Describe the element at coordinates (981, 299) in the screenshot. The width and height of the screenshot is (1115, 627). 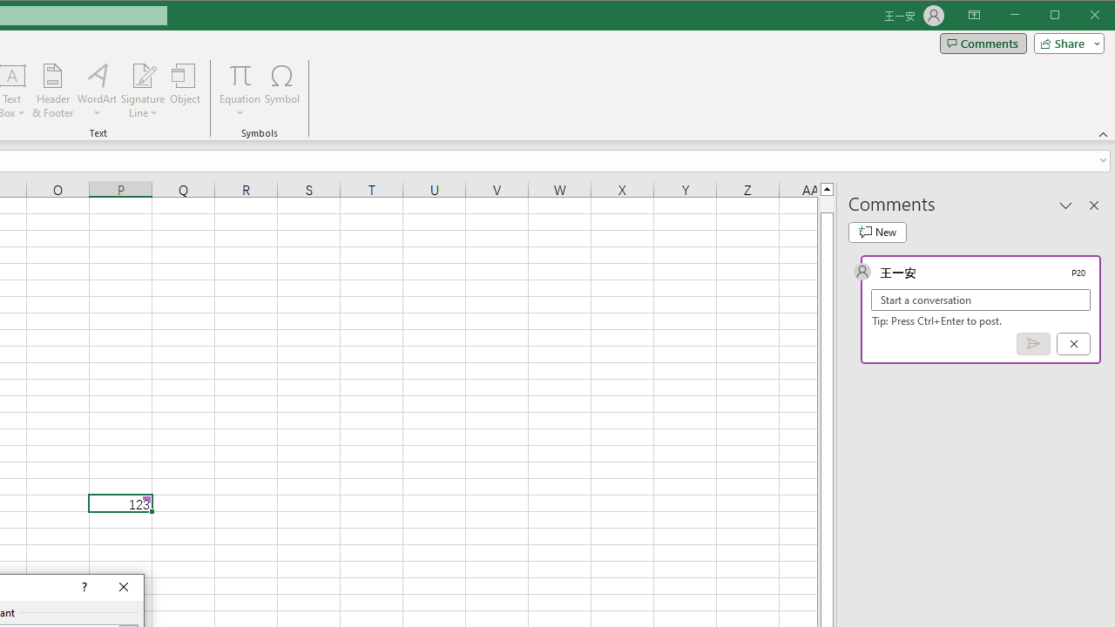
I see `'Start a conversation'` at that location.